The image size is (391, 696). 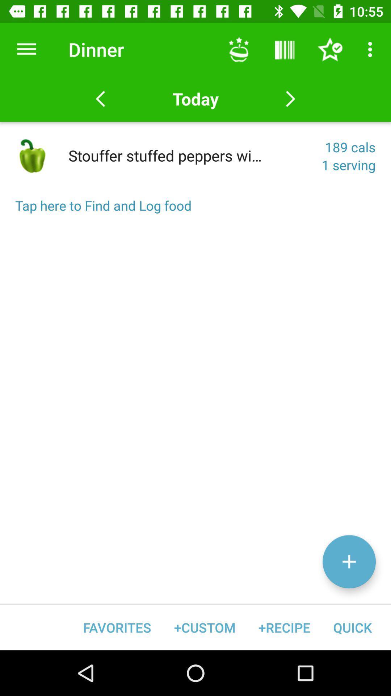 I want to click on the previous, so click(x=100, y=99).